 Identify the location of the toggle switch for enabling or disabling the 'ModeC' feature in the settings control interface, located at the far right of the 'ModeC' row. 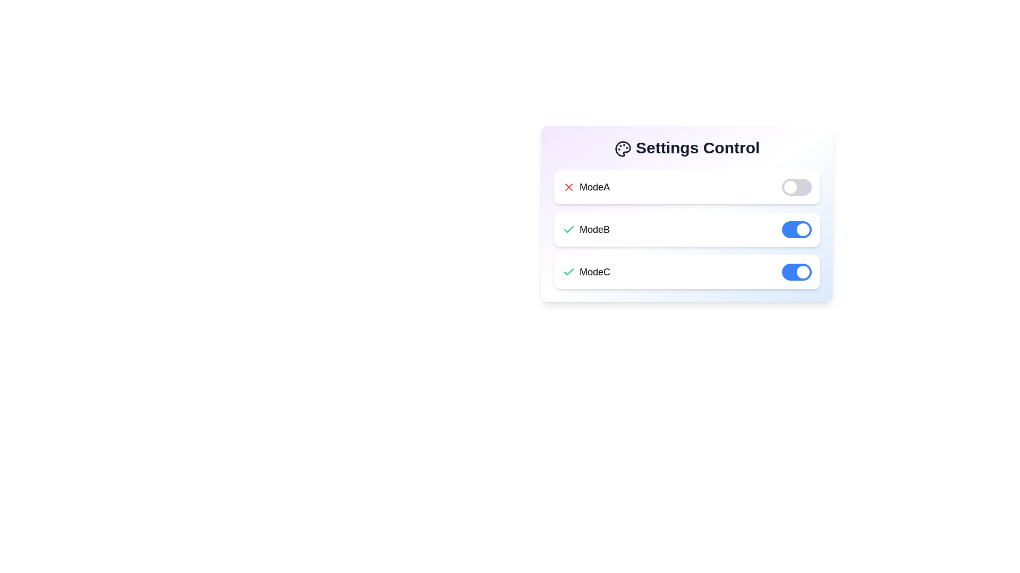
(796, 272).